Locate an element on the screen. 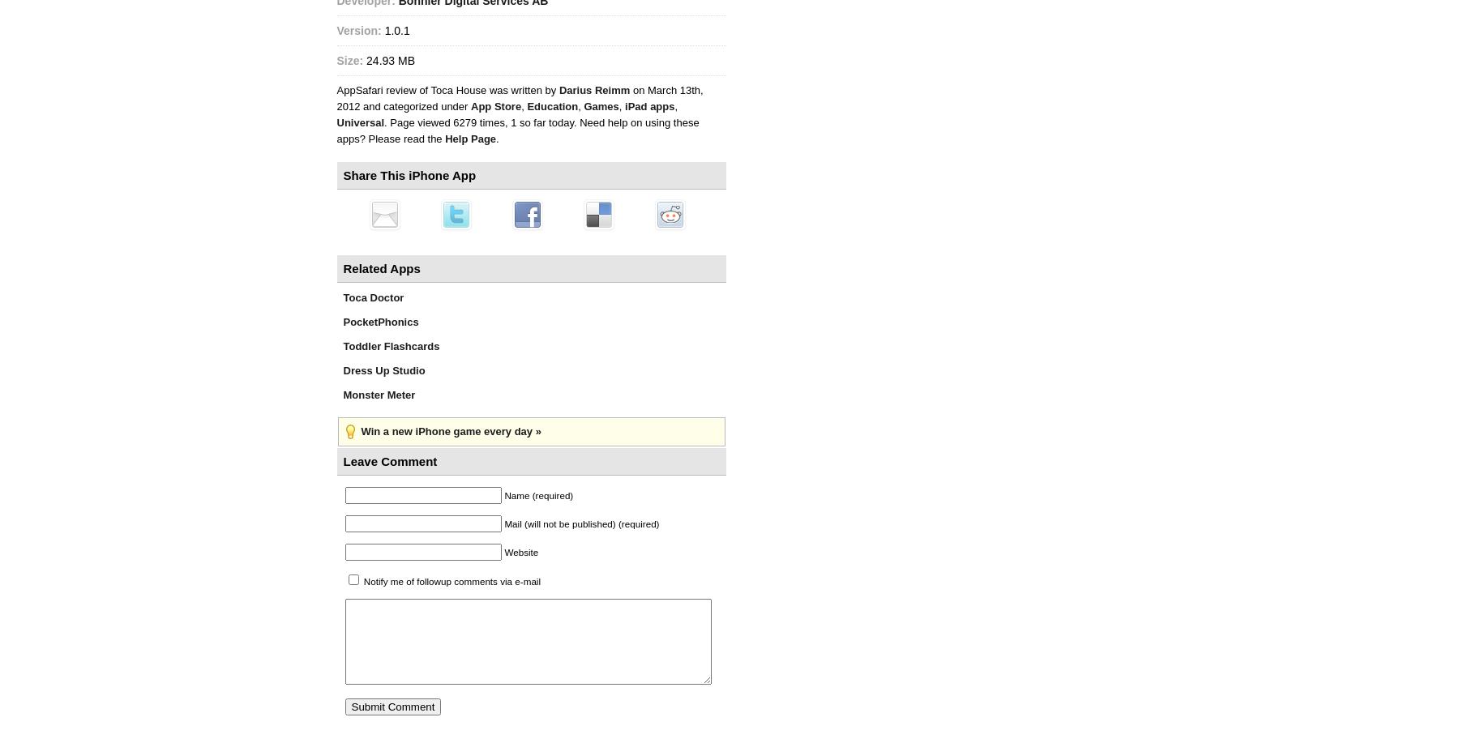 This screenshot has width=1468, height=743. 'AppSafari' is located at coordinates (361, 89).